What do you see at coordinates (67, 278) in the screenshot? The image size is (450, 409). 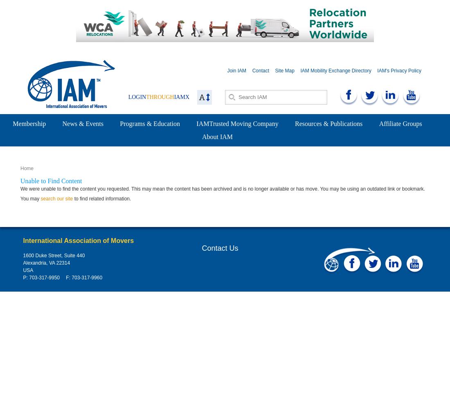 I see `'F:'` at bounding box center [67, 278].